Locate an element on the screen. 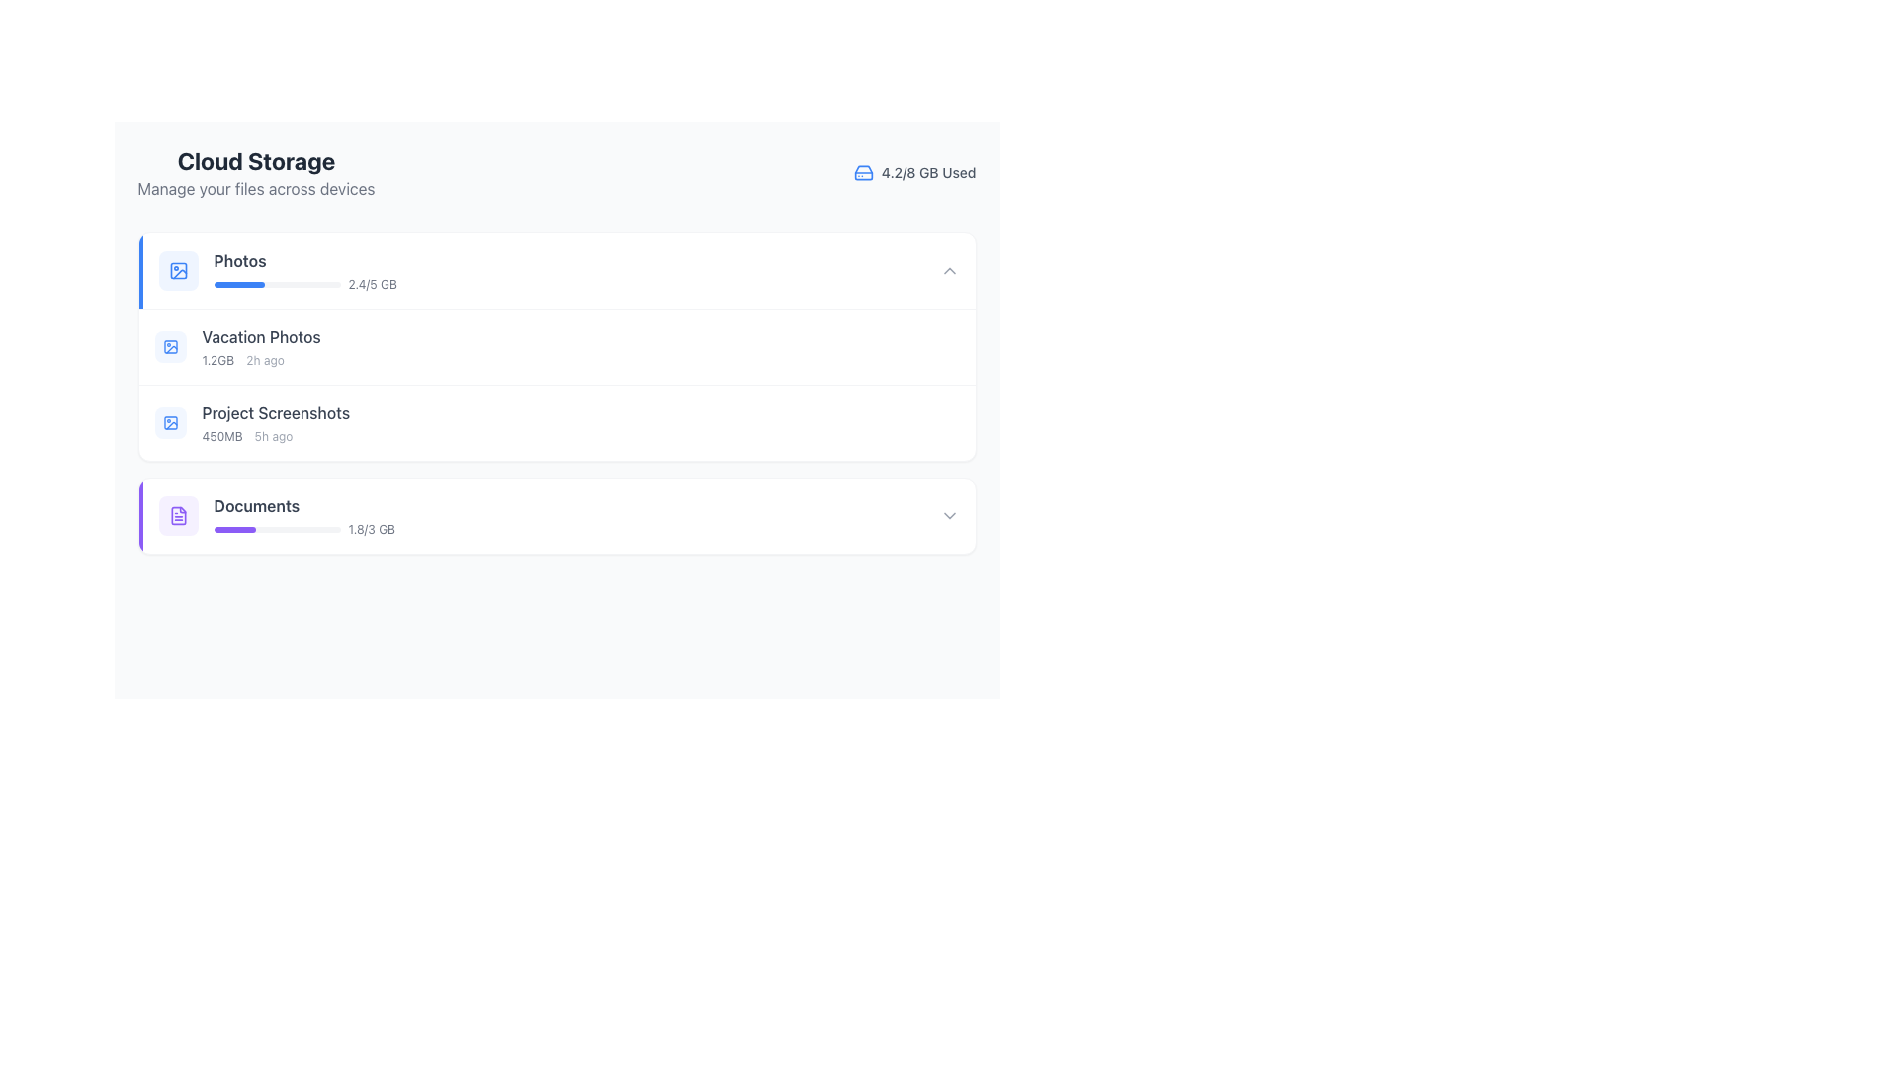  the blue outlined SVG image icon representing the 'Photos' category, located at the top-left of the 'Photos' list item is located at coordinates (178, 270).